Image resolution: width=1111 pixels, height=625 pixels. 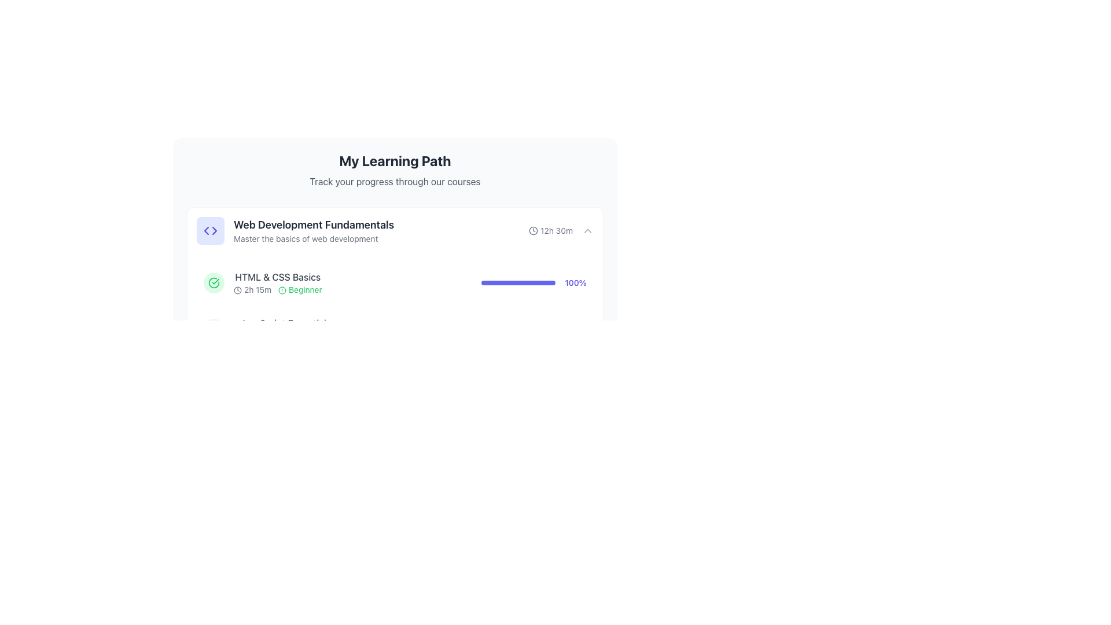 I want to click on the circular icon, which is a vector graphic element styled as a circular alert icon and positioned slightly above the center of the overall layout, so click(x=282, y=290).